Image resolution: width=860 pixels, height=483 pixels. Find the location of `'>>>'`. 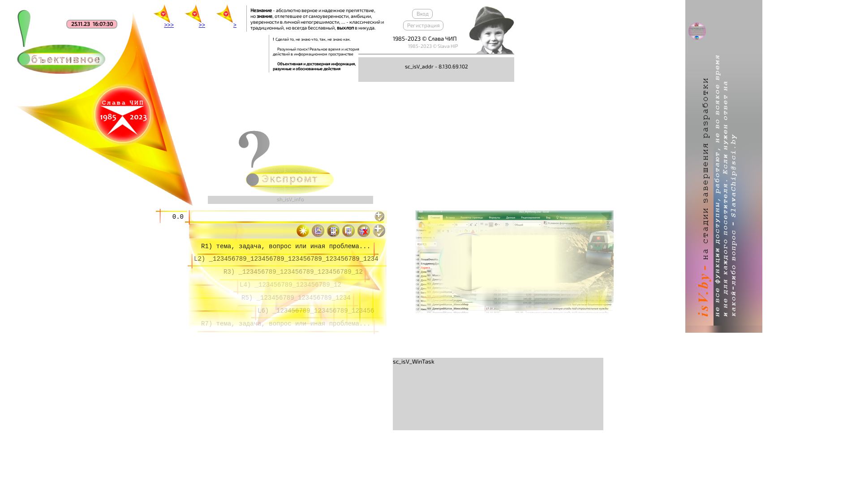

'>>>' is located at coordinates (152, 17).